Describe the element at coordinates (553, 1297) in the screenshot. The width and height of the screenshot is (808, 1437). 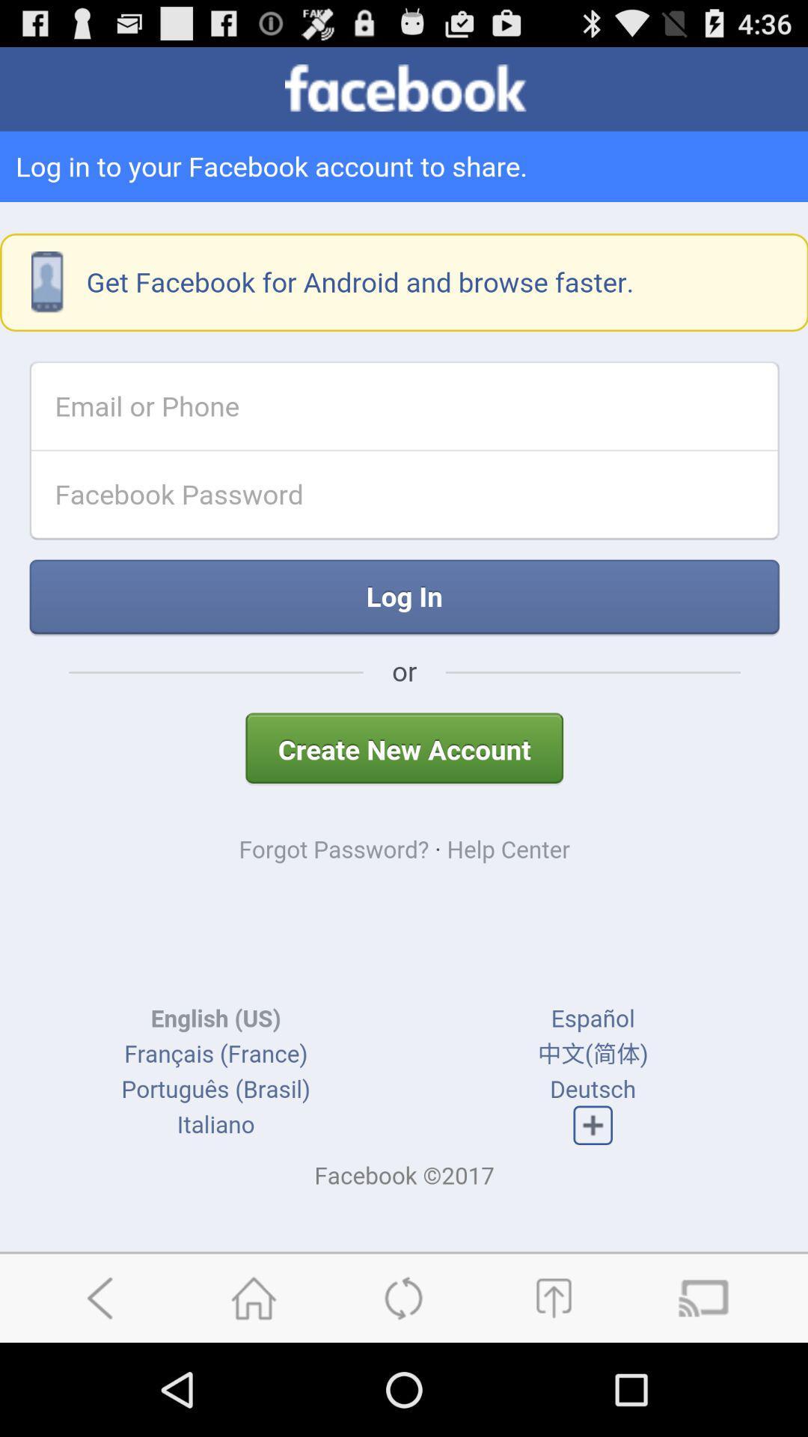
I see `share the article` at that location.